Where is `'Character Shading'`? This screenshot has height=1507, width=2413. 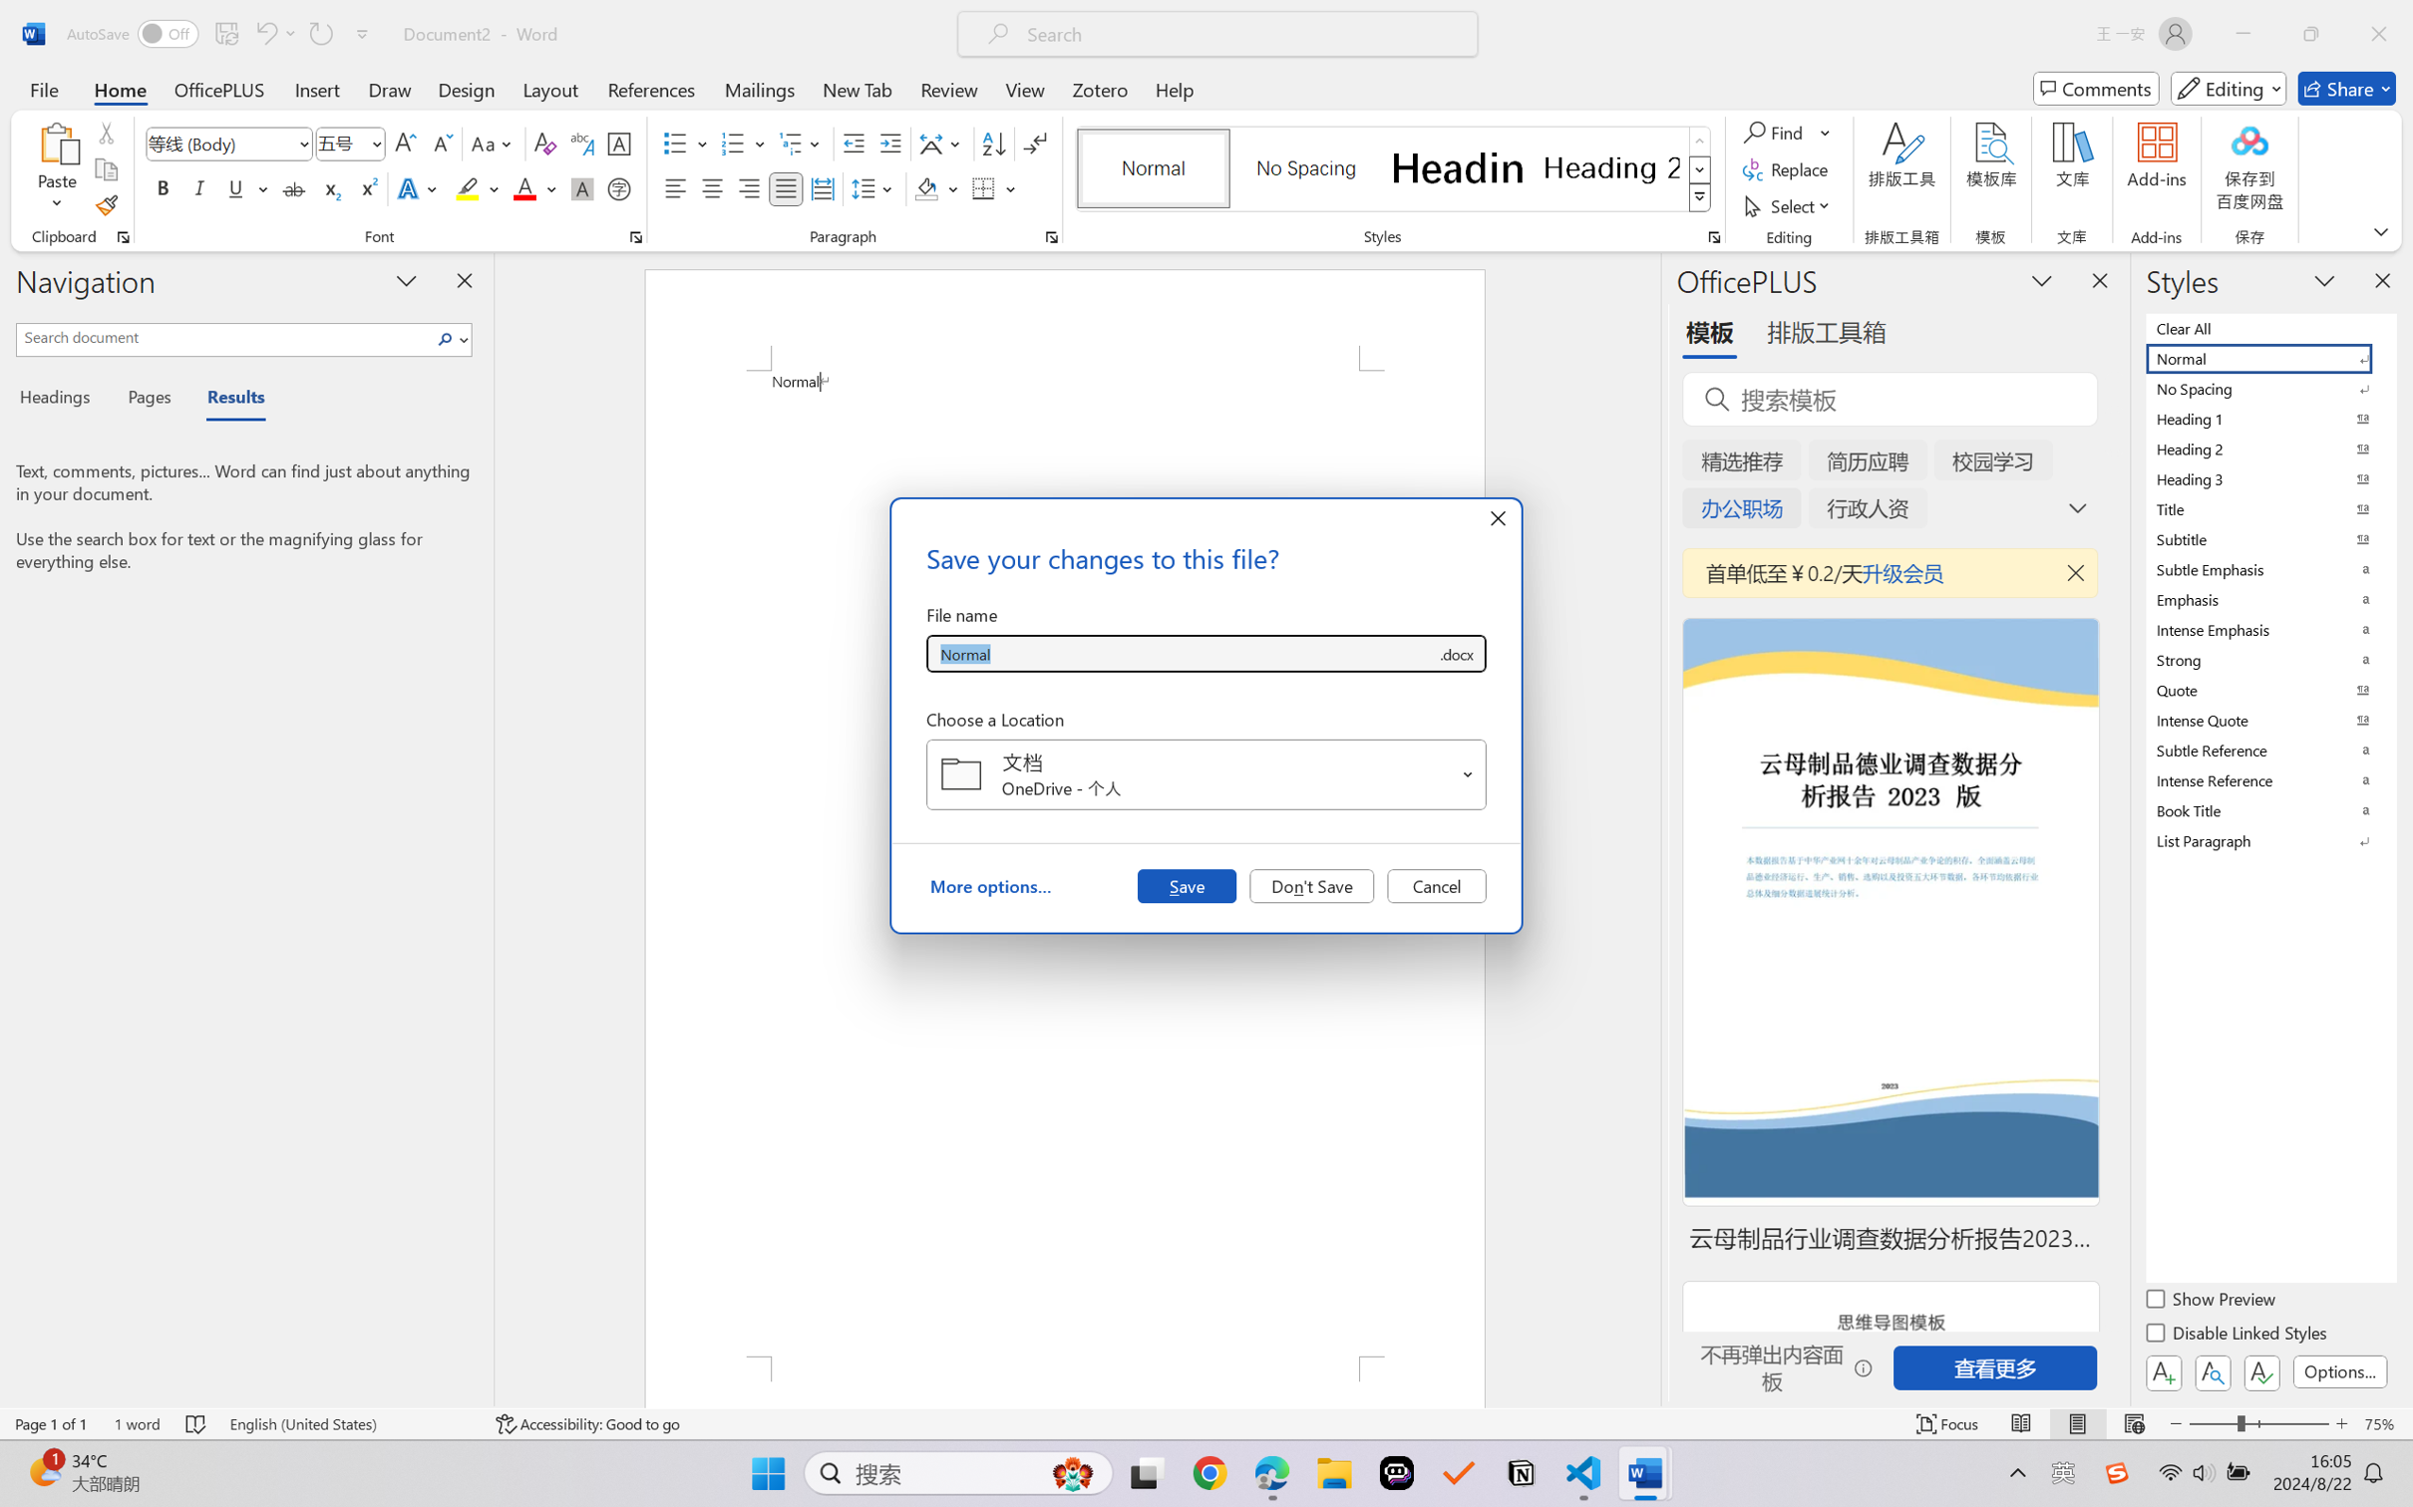
'Character Shading' is located at coordinates (579, 187).